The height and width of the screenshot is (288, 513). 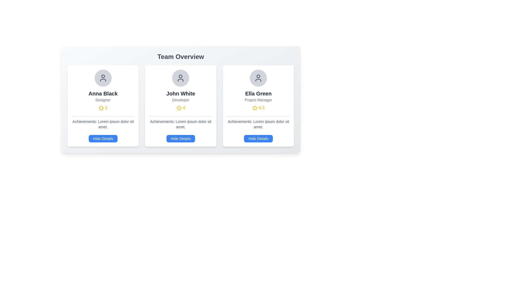 What do you see at coordinates (179, 108) in the screenshot?
I see `the star-shaped icon with a golden-yellow outline located in the third card of team members, beneath 'Ella Green' and above the rating value '4.5'` at bounding box center [179, 108].